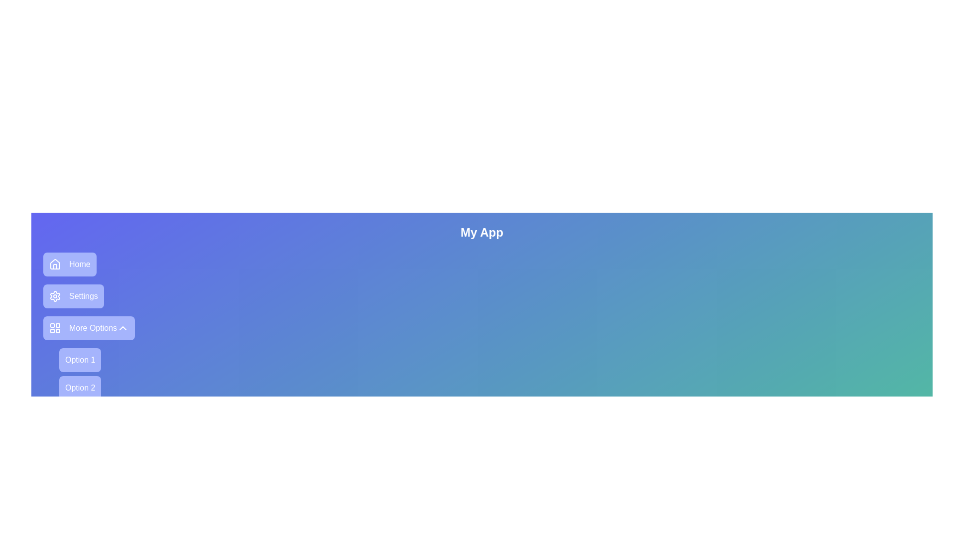 Image resolution: width=956 pixels, height=538 pixels. I want to click on the 'Home' button in the left-hand vertical menu which contains the house icon, so click(54, 263).